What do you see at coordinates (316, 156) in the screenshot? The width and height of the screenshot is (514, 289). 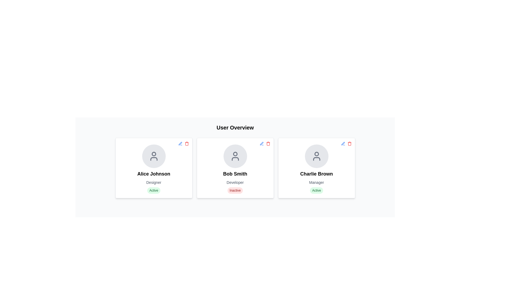 I see `the user profile icon representing 'Charlie Brown' located at the top-center of the card in the user overview section` at bounding box center [316, 156].